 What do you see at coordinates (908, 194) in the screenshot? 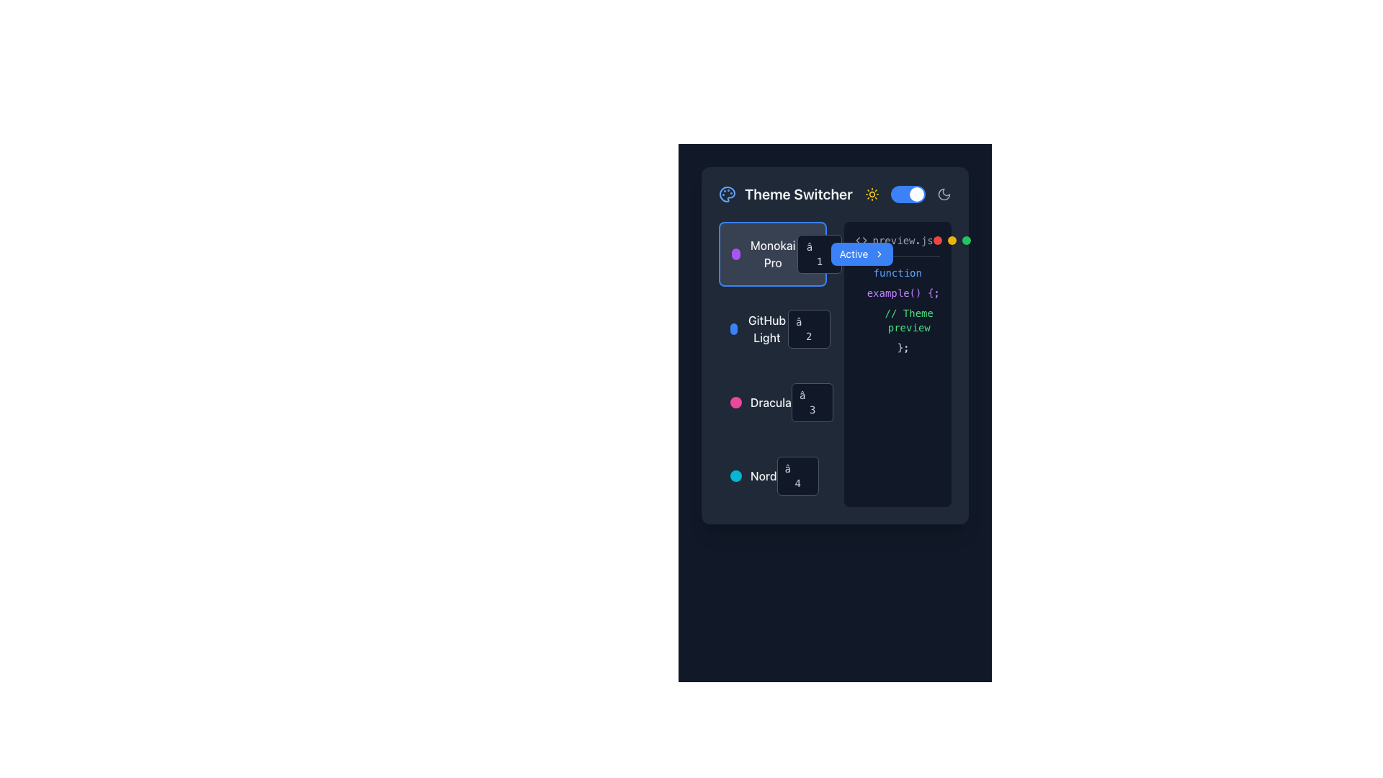
I see `the toggle switch located in the 'Theme Switcher' section at the top-right corner to switch between light and dark modes` at bounding box center [908, 194].